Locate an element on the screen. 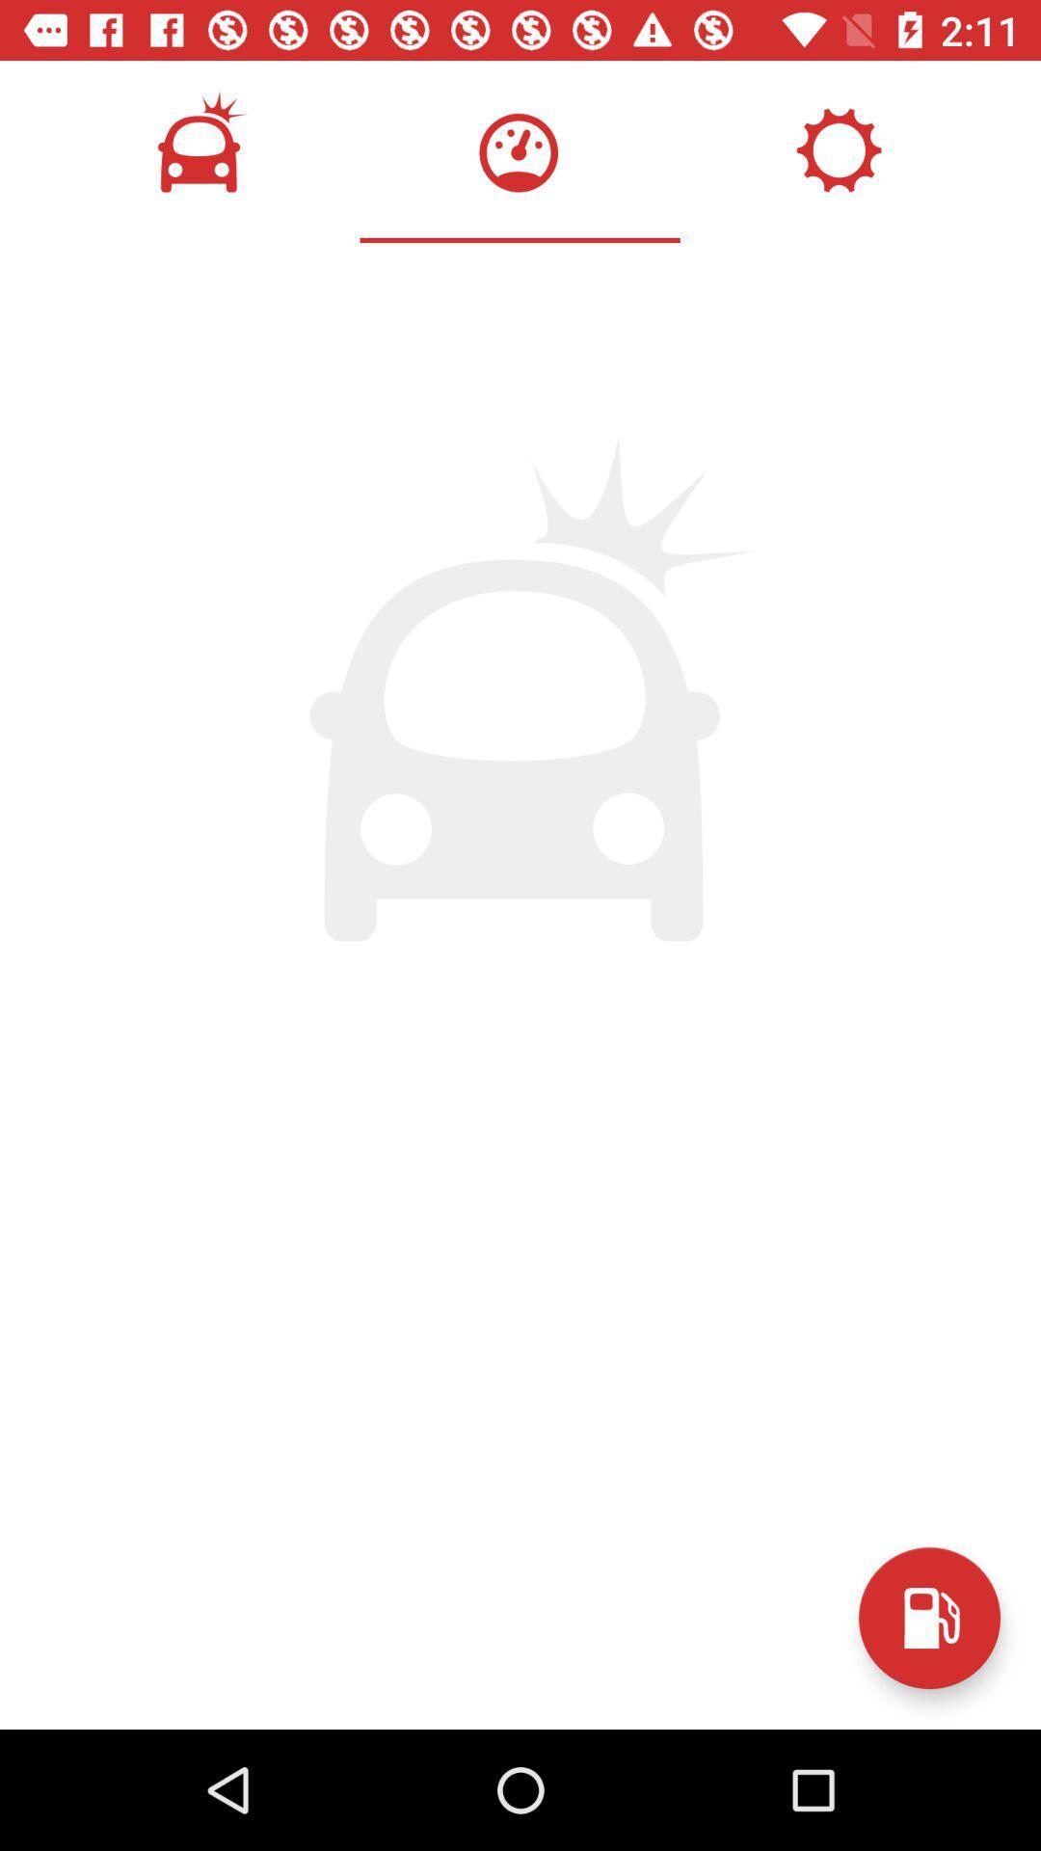  new gas refill option is located at coordinates (928, 1618).